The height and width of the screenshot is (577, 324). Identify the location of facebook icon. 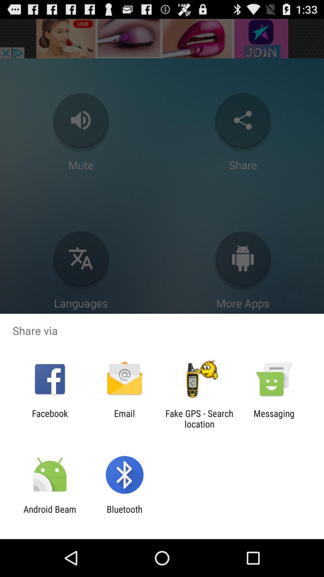
(49, 418).